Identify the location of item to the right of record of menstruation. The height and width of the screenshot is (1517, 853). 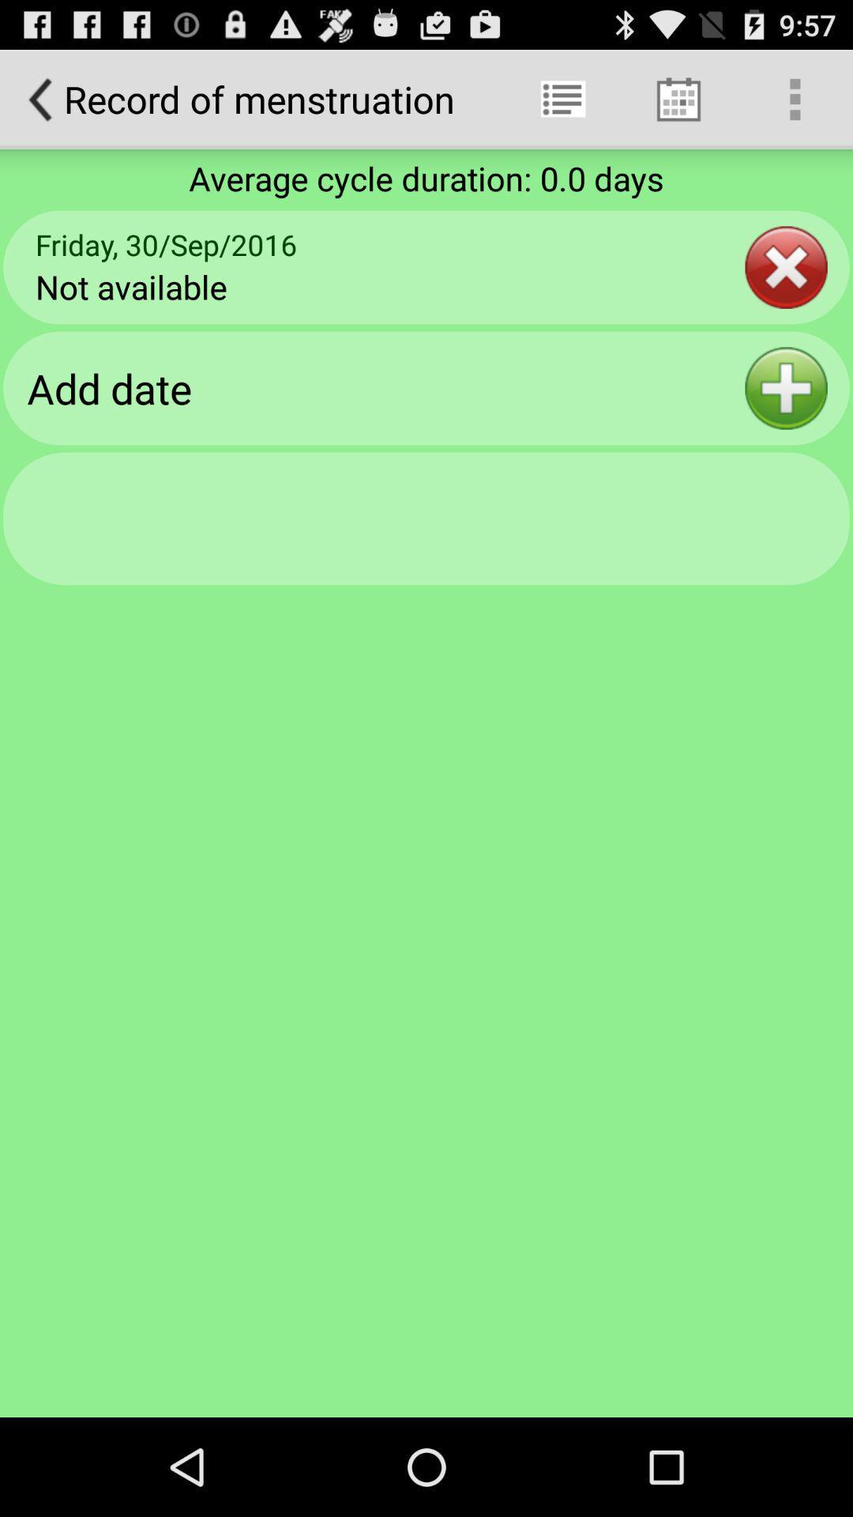
(562, 98).